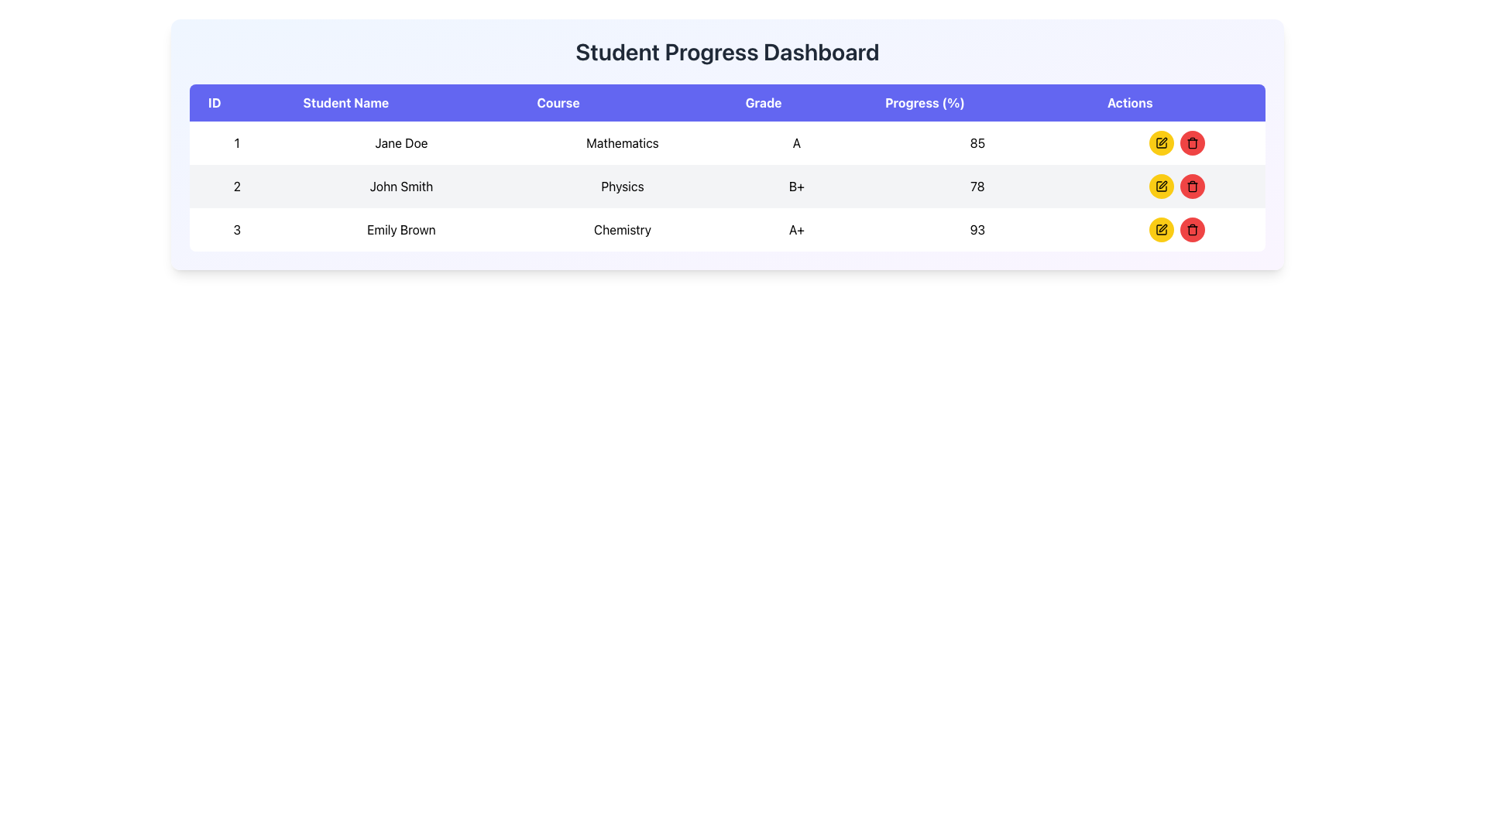  I want to click on the text display element that shows the identification number for the row corresponding to 'John Smith' in the first column under the header 'ID', so click(236, 185).